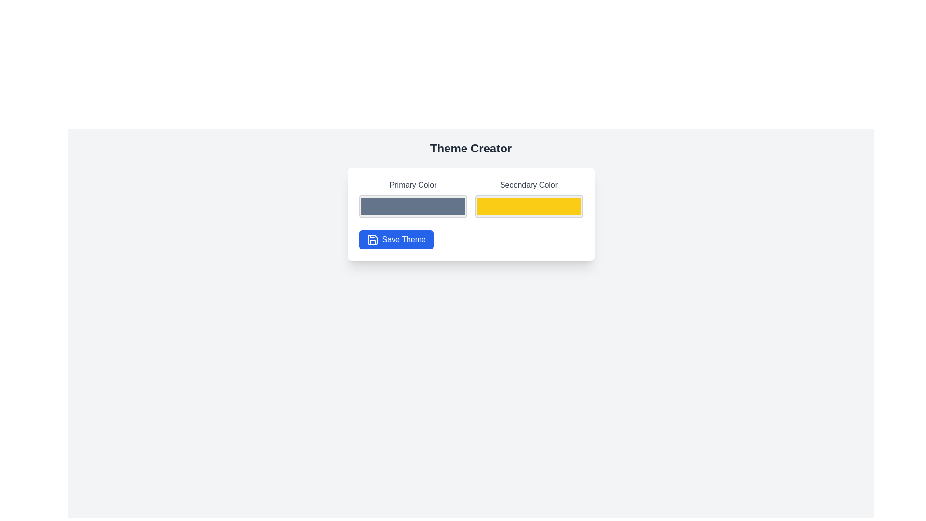 This screenshot has height=521, width=926. Describe the element at coordinates (413, 185) in the screenshot. I see `the 'Primary Color' label, which is a bold gray text label positioned above a color picker component` at that location.